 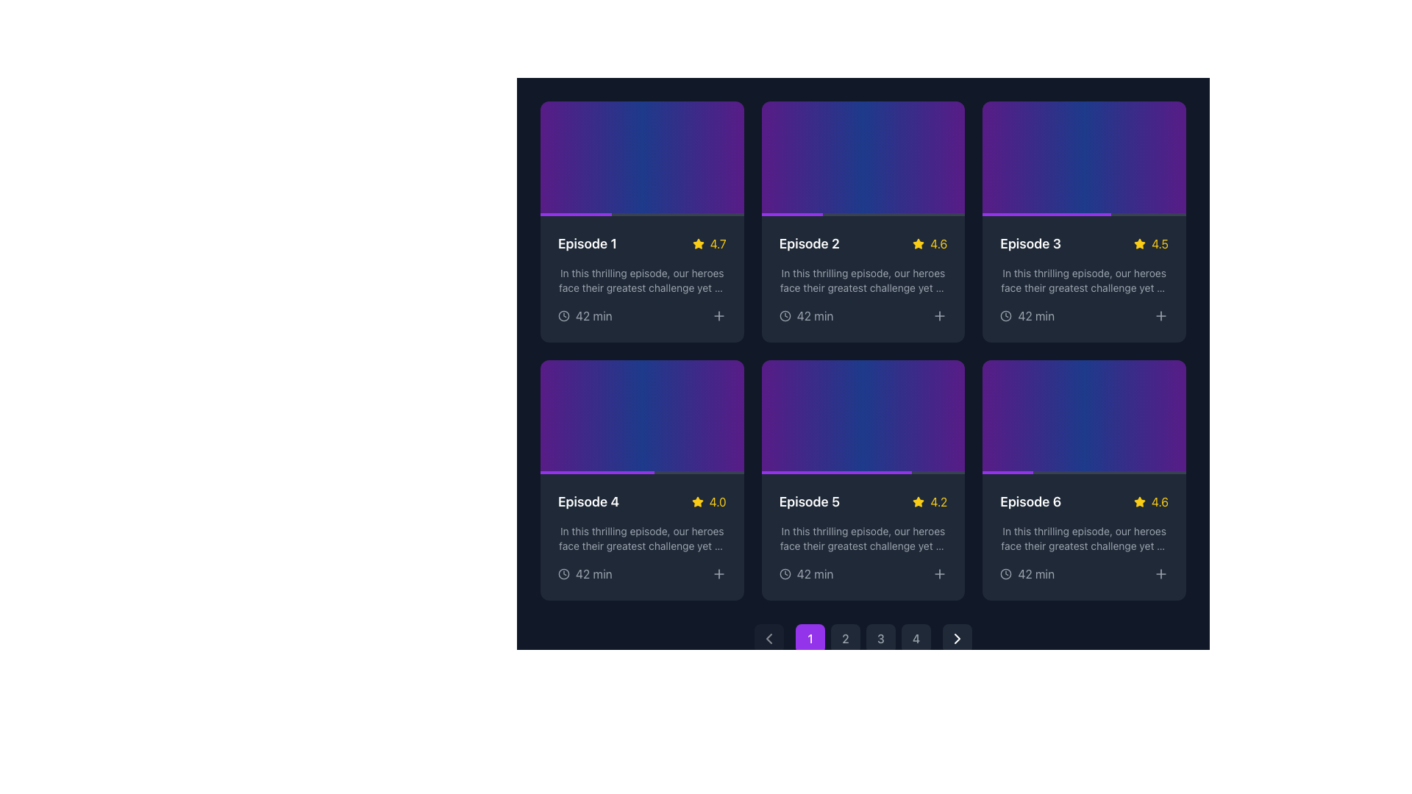 I want to click on the SVG Circle representing the clock-like icon for 'Episode 6' located in the bottom-right corner of the grid layout, so click(x=1005, y=573).